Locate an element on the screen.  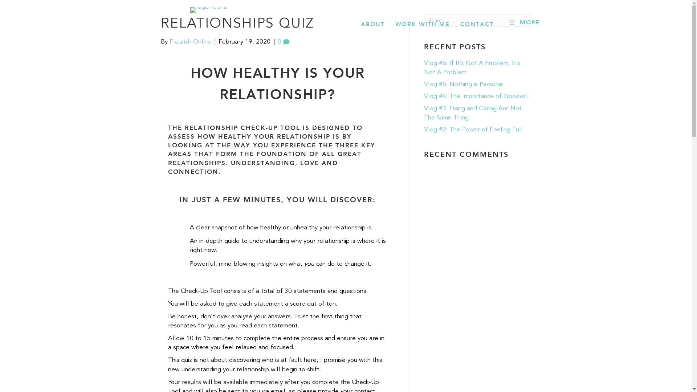
'Vlog #5: Nothing is Personal' is located at coordinates (424, 84).